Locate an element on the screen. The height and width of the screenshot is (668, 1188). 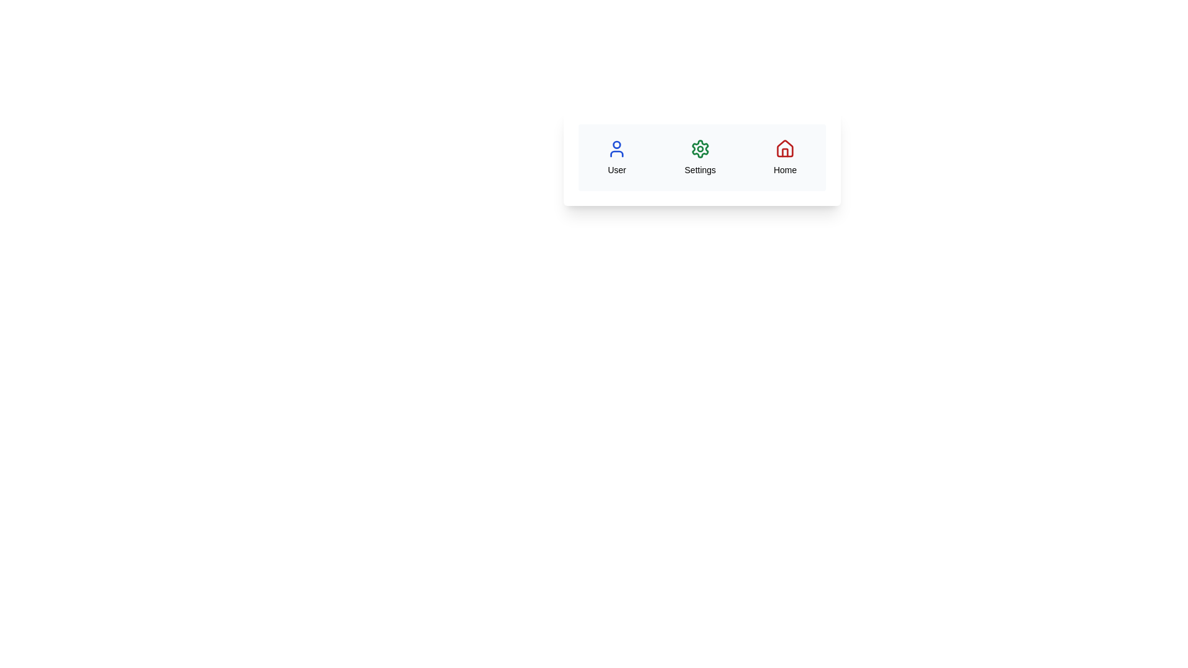
the red house icon labeled 'Home', which is the third item in the horizontal menu is located at coordinates (785, 148).